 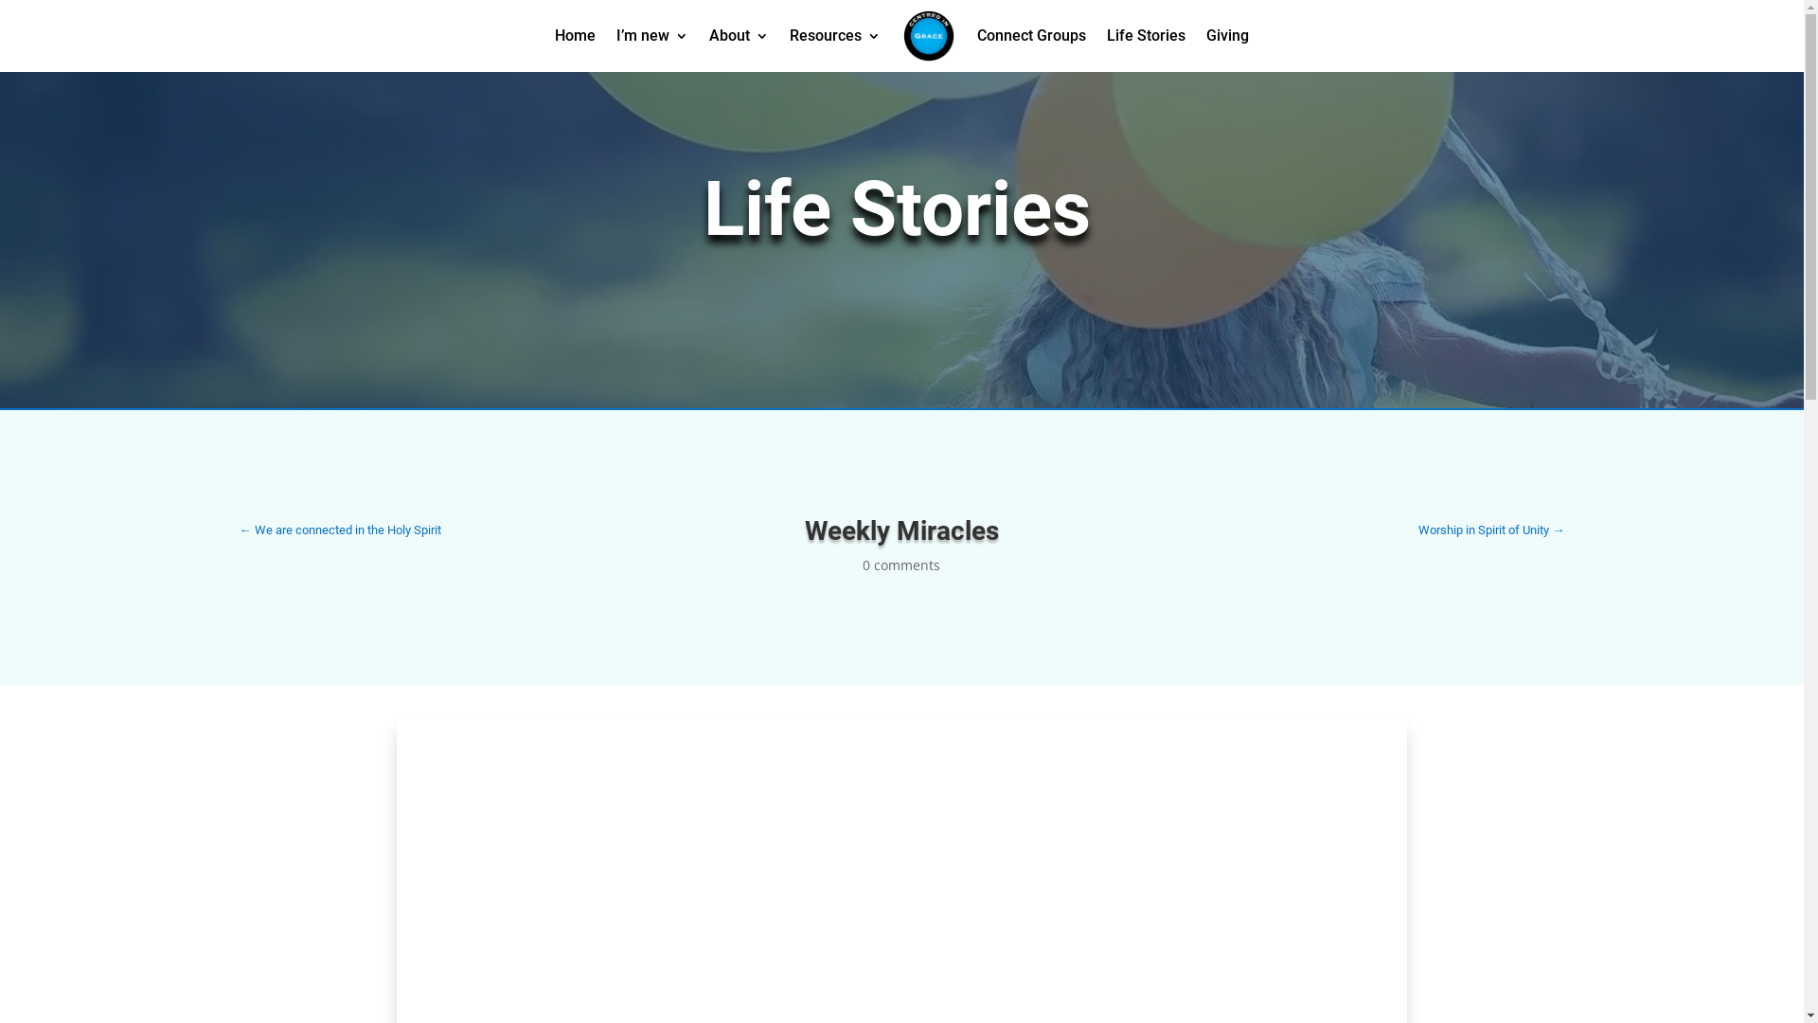 I want to click on 'Connect Groups', so click(x=977, y=36).